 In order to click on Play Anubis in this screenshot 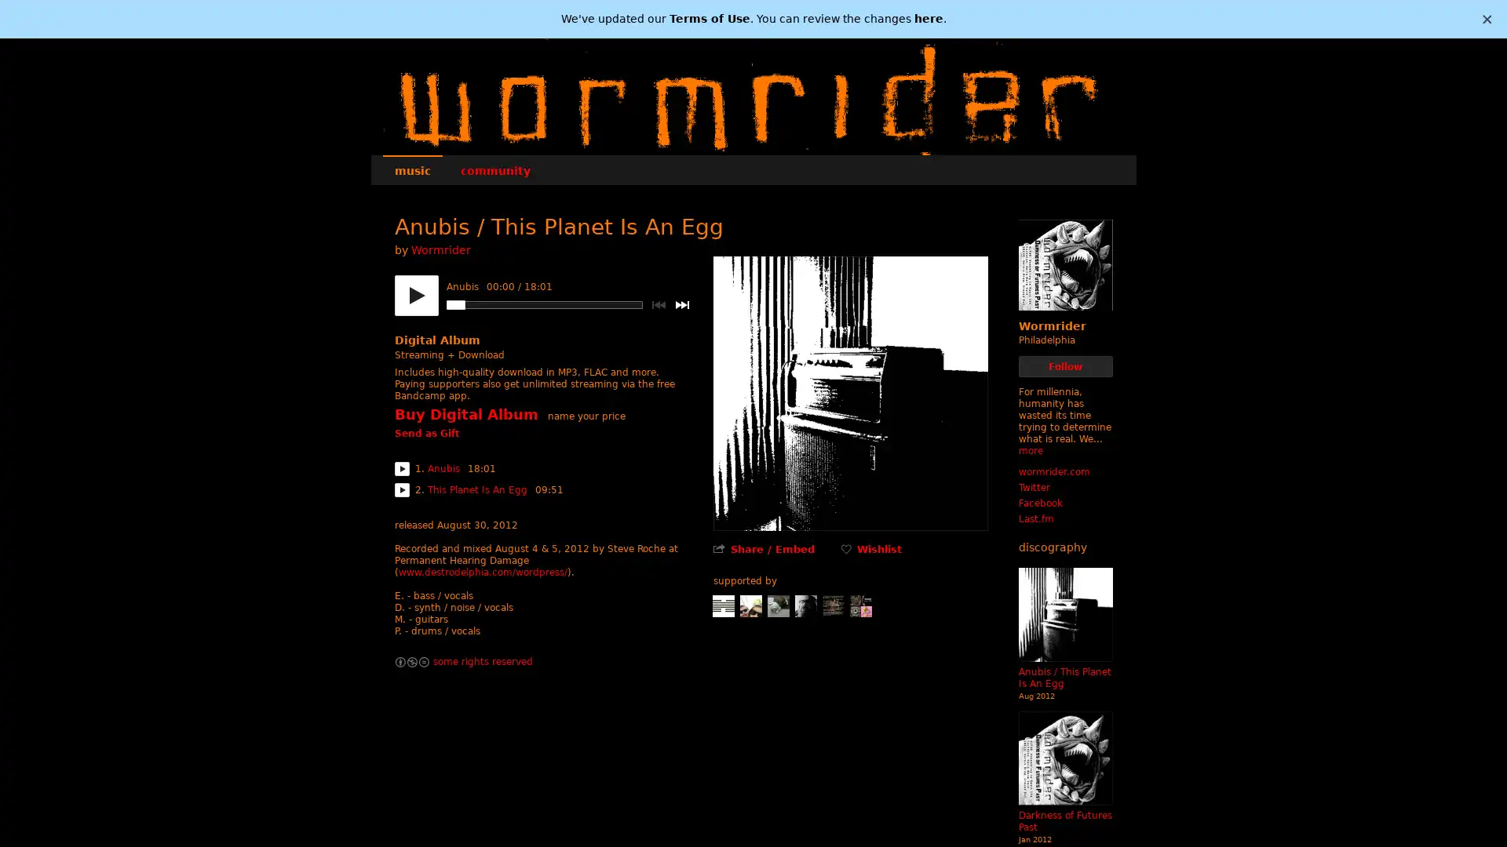, I will do `click(401, 467)`.